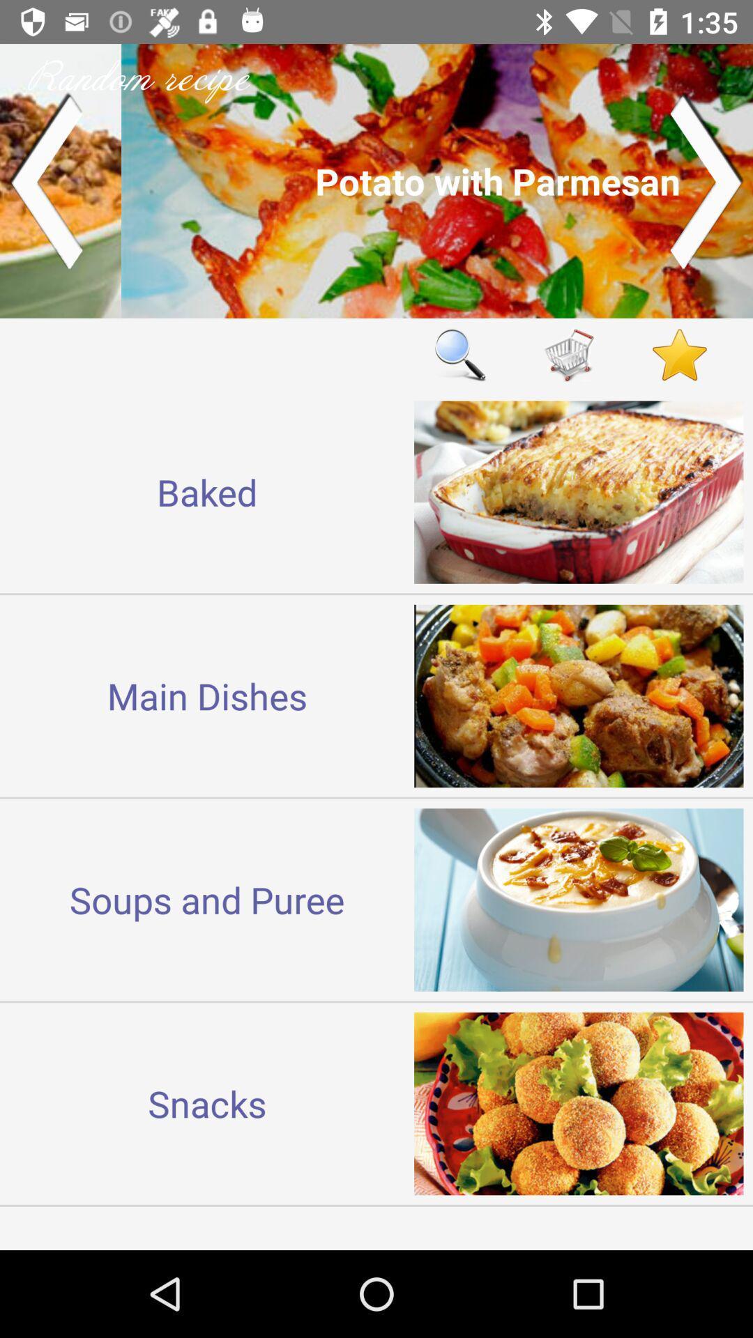  Describe the element at coordinates (707, 180) in the screenshot. I see `go forward` at that location.